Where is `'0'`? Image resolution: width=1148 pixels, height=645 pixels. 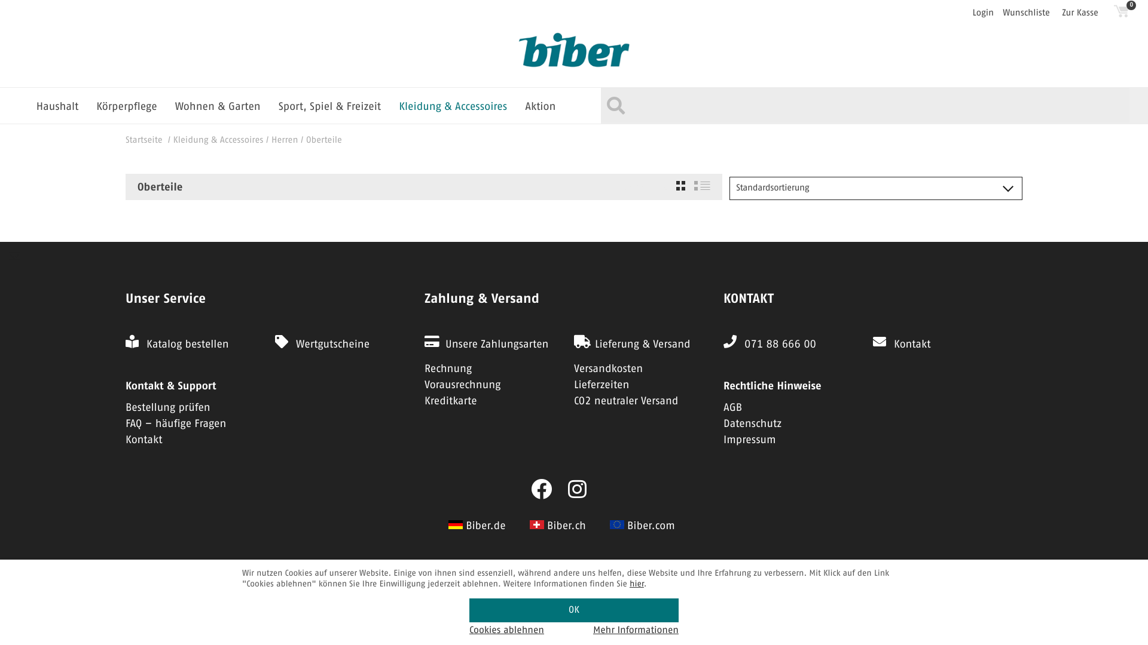 '0' is located at coordinates (1121, 11).